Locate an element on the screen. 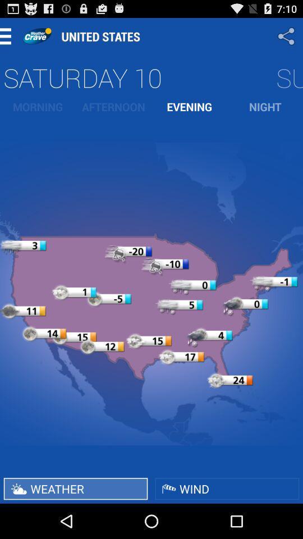 This screenshot has width=303, height=539. app to the right of the united states app is located at coordinates (287, 36).